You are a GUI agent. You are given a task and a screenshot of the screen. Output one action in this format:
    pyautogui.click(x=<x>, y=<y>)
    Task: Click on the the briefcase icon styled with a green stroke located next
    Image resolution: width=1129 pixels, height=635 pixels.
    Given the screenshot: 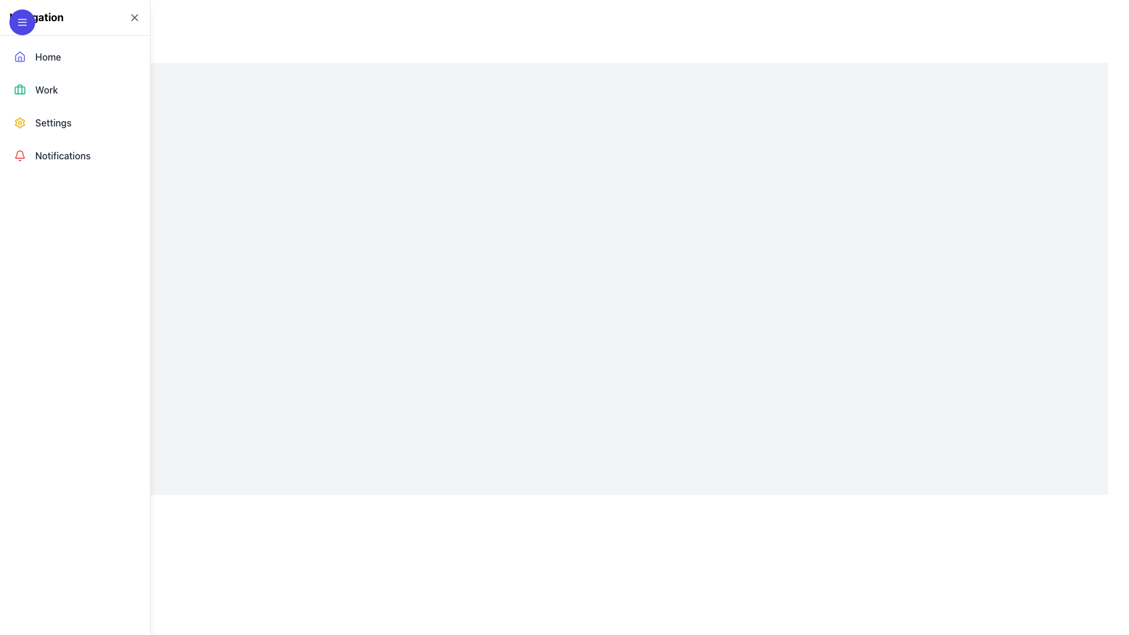 What is the action you would take?
    pyautogui.click(x=19, y=89)
    